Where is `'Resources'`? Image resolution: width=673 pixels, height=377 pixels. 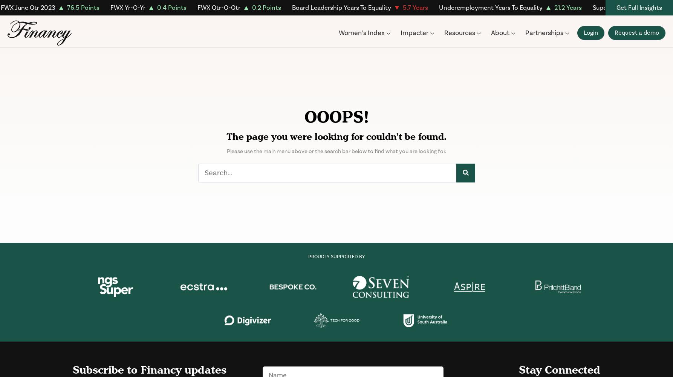 'Resources' is located at coordinates (459, 32).